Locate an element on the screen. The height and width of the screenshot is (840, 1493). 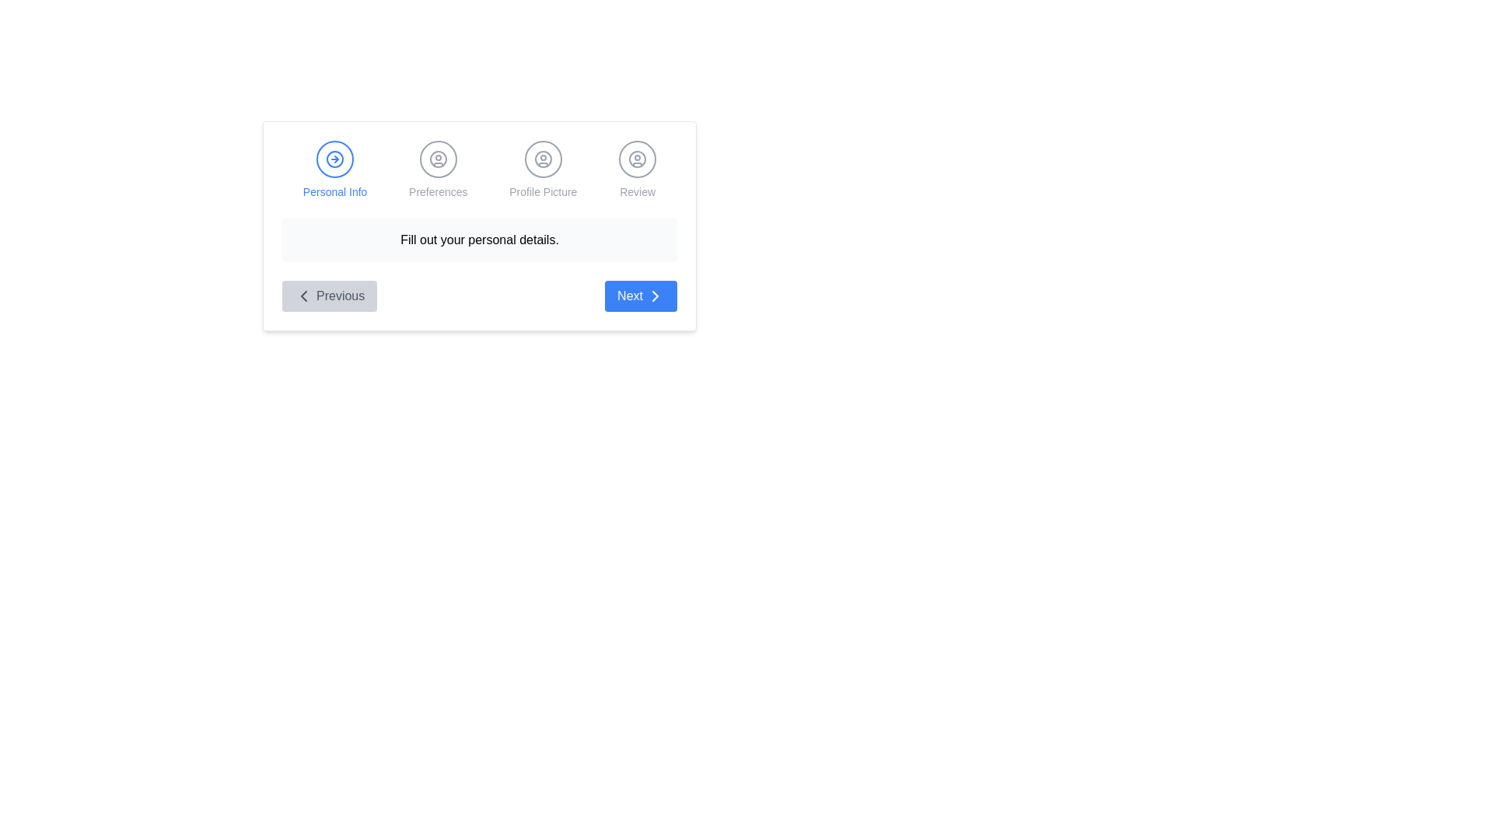
the first circular button with a blue border and a right-pointing arrow icon in the 'Personal Info' section is located at coordinates (334, 159).